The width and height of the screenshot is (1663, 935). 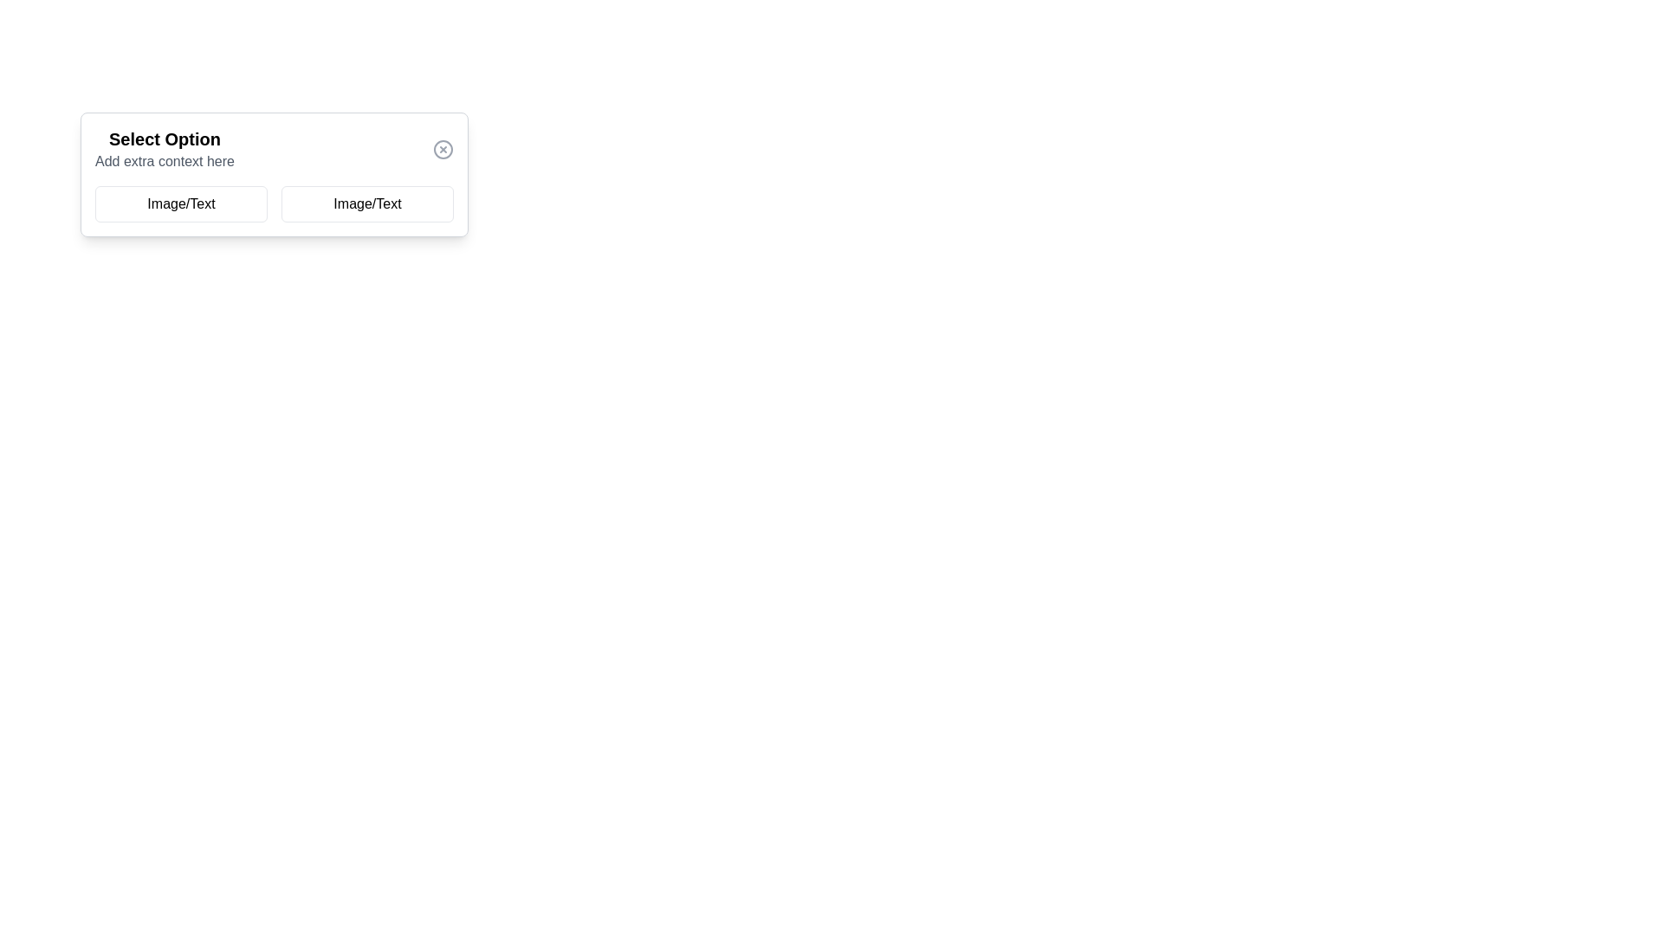 What do you see at coordinates (181, 203) in the screenshot?
I see `the leftmost Selectable Option Item below the 'Select Option' heading in the grid layout` at bounding box center [181, 203].